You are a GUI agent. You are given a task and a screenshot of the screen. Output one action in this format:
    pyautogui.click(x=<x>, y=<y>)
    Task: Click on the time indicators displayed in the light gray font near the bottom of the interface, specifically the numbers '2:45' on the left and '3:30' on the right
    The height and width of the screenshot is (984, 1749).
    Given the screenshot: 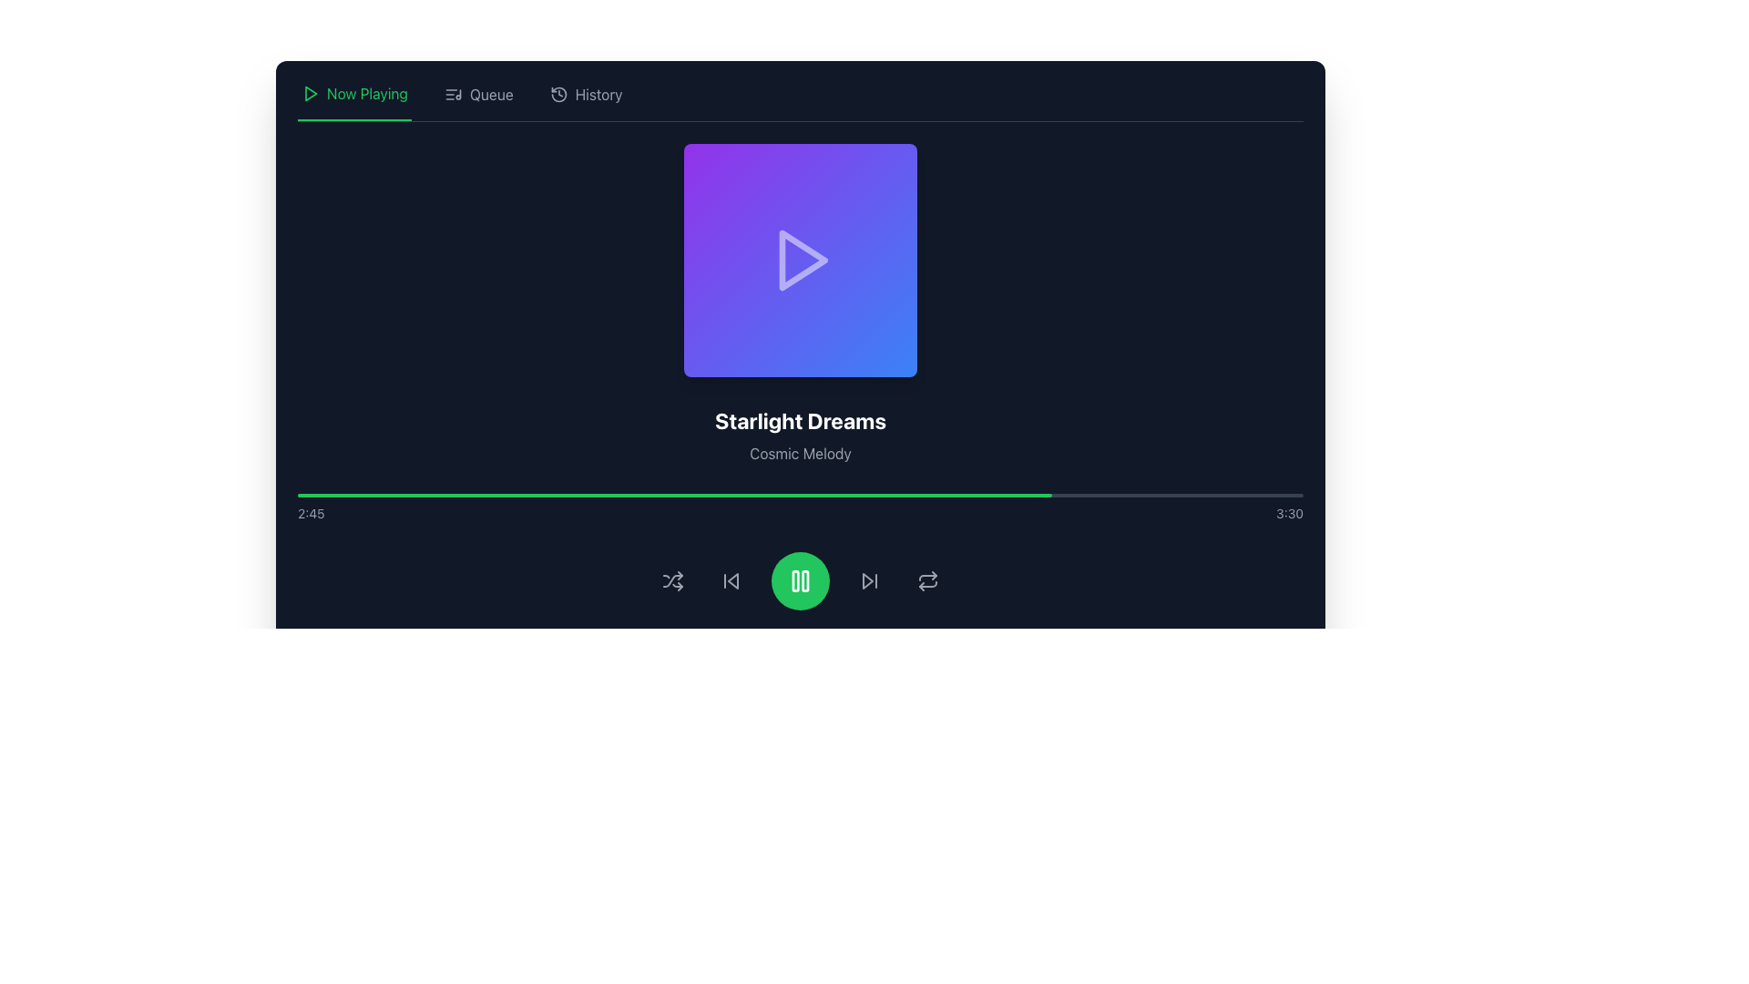 What is the action you would take?
    pyautogui.click(x=800, y=513)
    